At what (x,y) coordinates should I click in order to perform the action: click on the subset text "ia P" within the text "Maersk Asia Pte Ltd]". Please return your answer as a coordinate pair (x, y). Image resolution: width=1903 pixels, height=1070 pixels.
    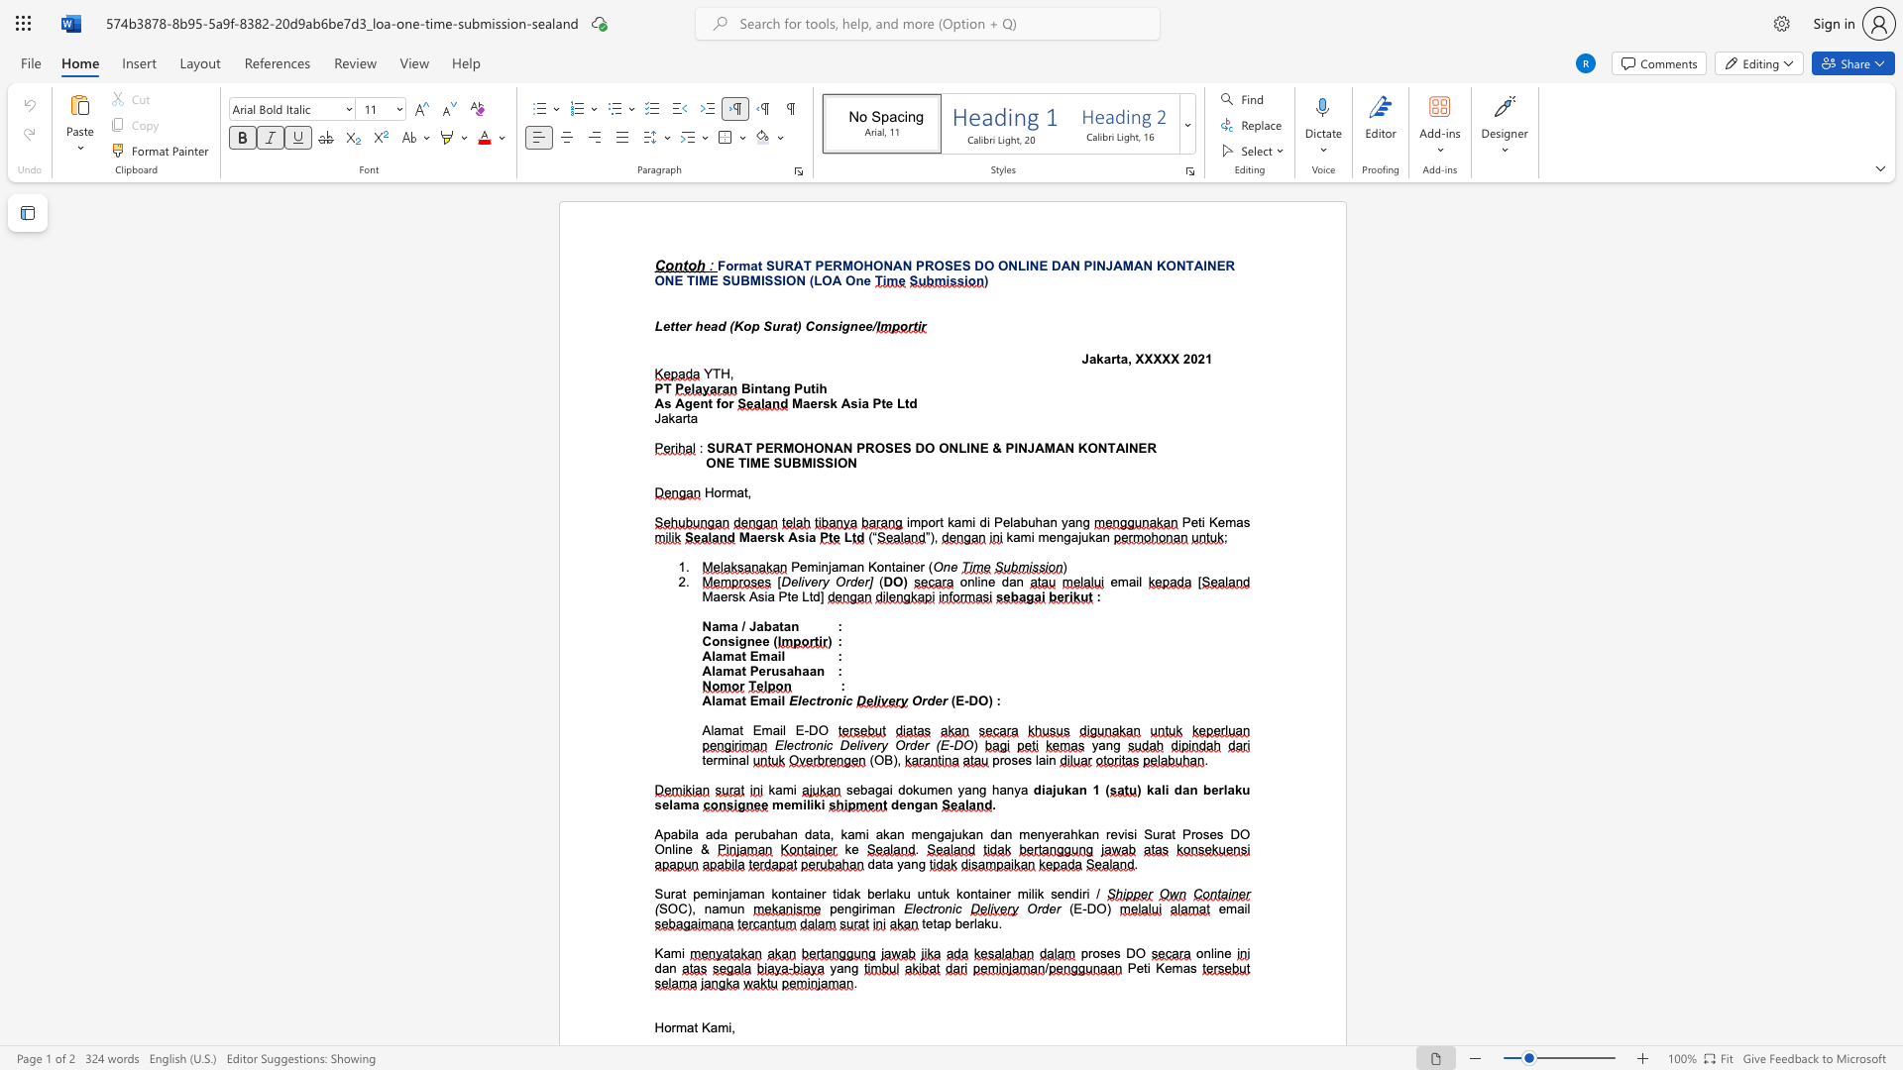
    Looking at the image, I should click on (763, 595).